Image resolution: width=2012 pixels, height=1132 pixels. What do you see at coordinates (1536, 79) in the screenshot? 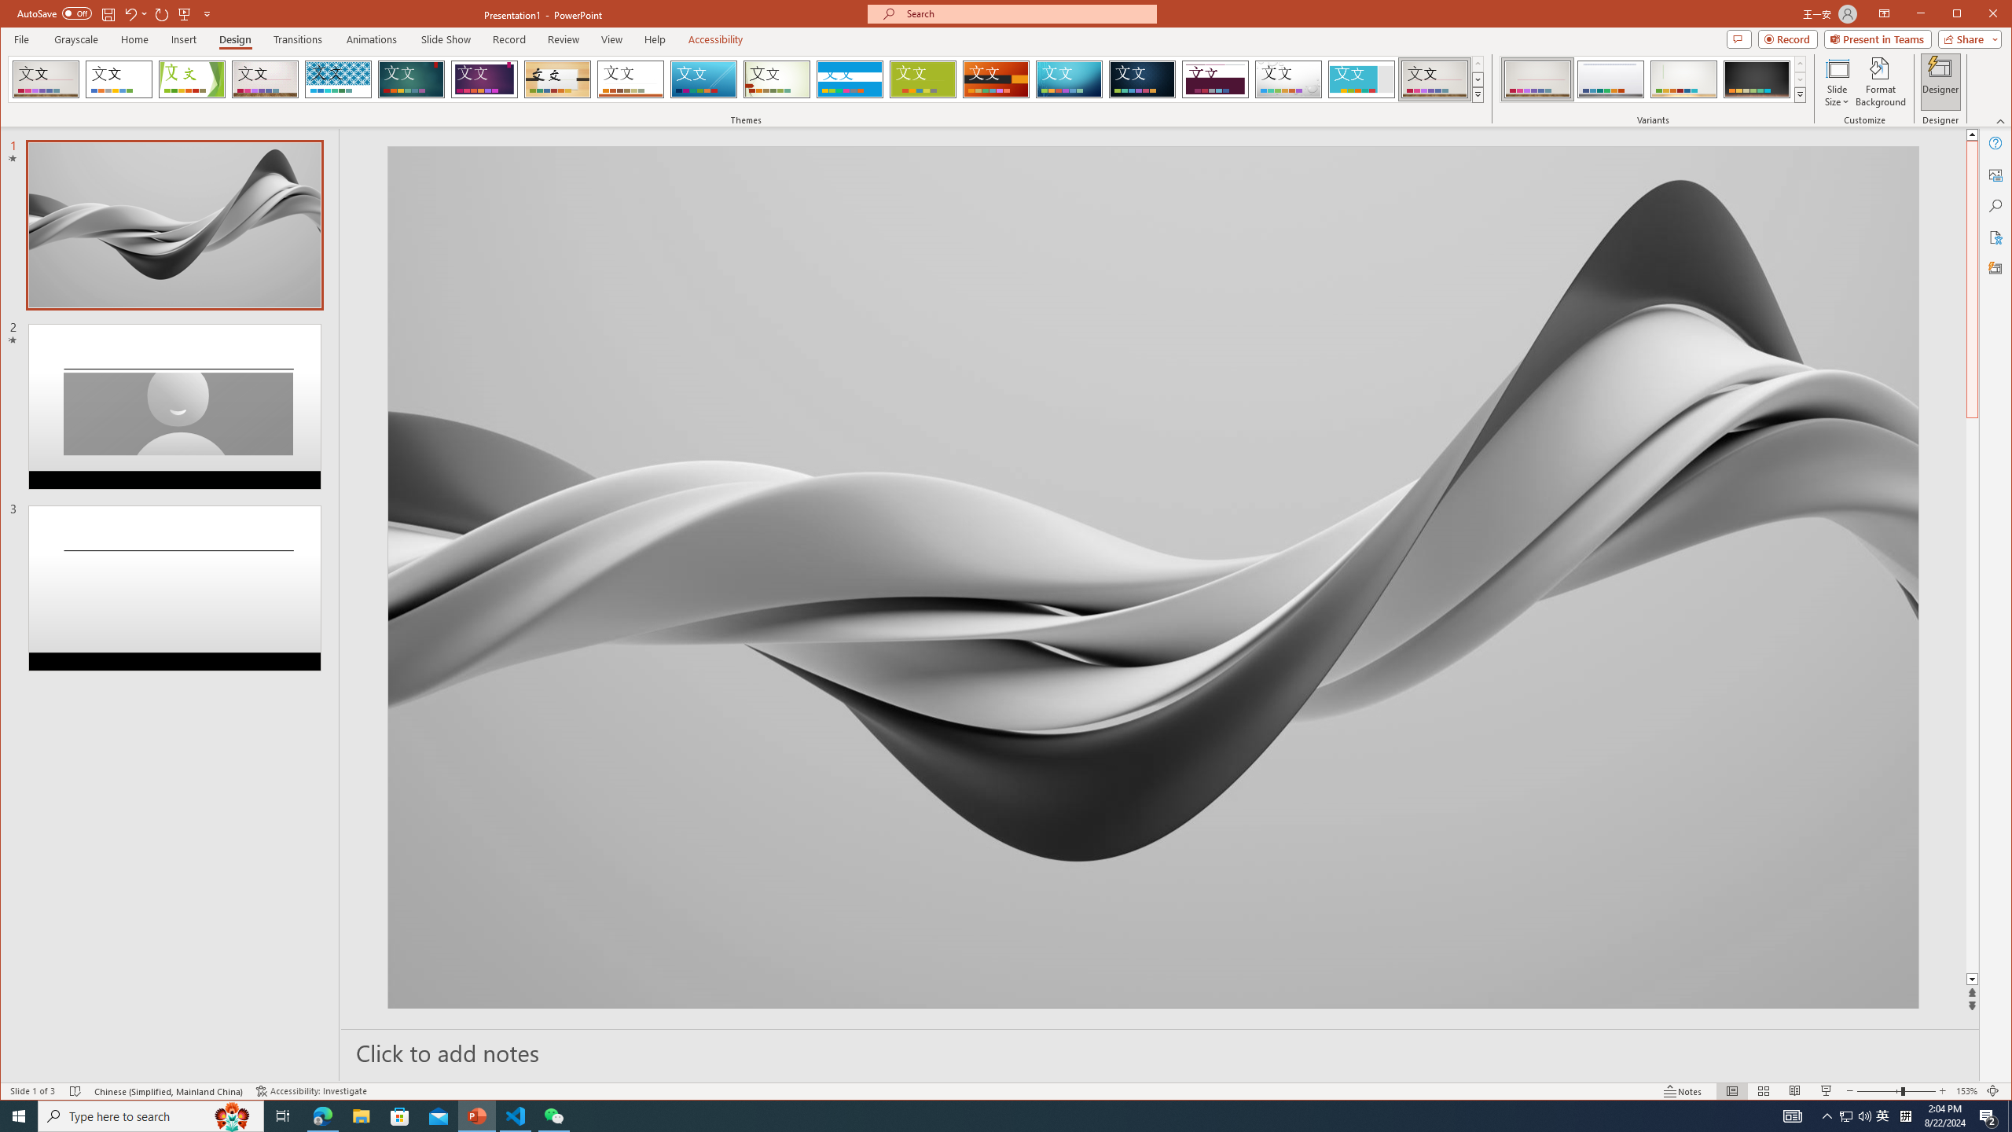
I see `'Gallery Variant 1'` at bounding box center [1536, 79].